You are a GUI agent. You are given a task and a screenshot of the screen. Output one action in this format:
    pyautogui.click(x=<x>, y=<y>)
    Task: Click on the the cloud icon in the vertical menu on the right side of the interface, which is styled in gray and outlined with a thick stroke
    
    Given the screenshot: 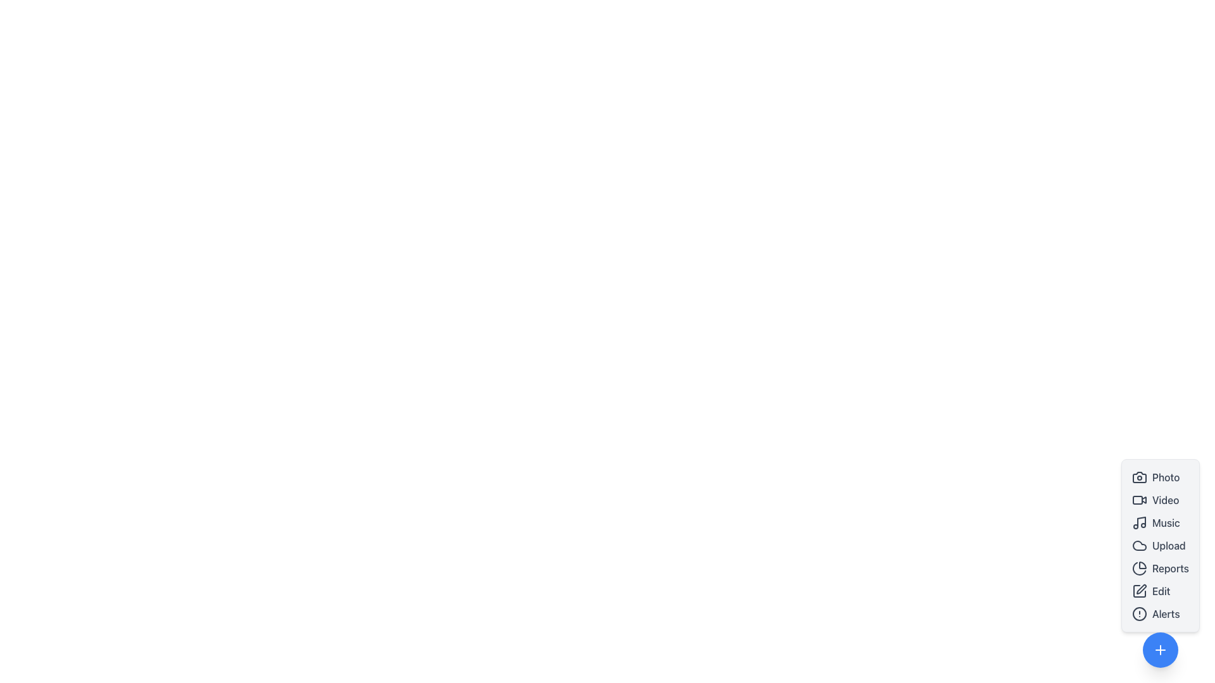 What is the action you would take?
    pyautogui.click(x=1139, y=545)
    